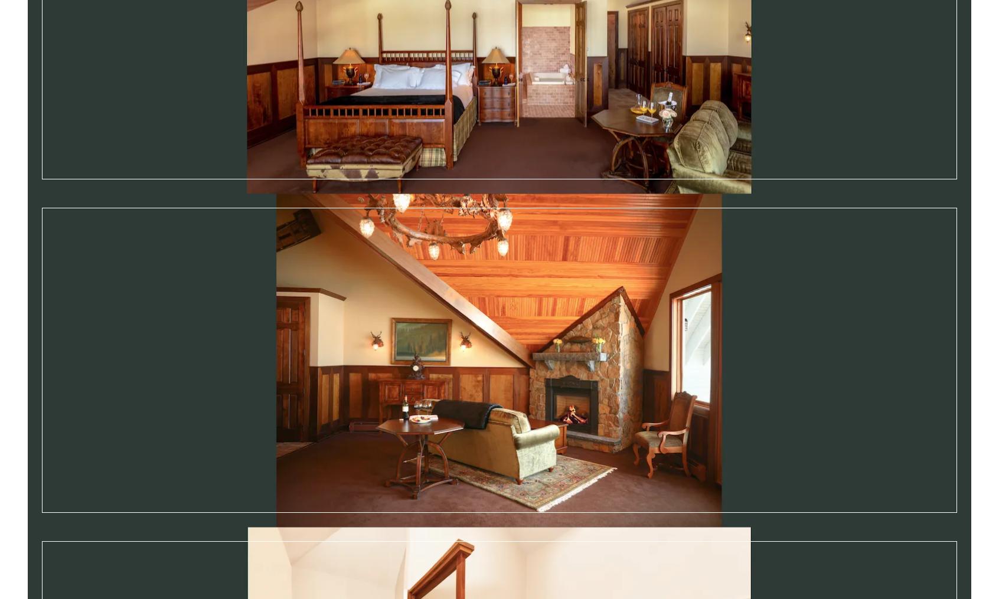 This screenshot has height=599, width=999. I want to click on 'Lake Placid', so click(204, 549).